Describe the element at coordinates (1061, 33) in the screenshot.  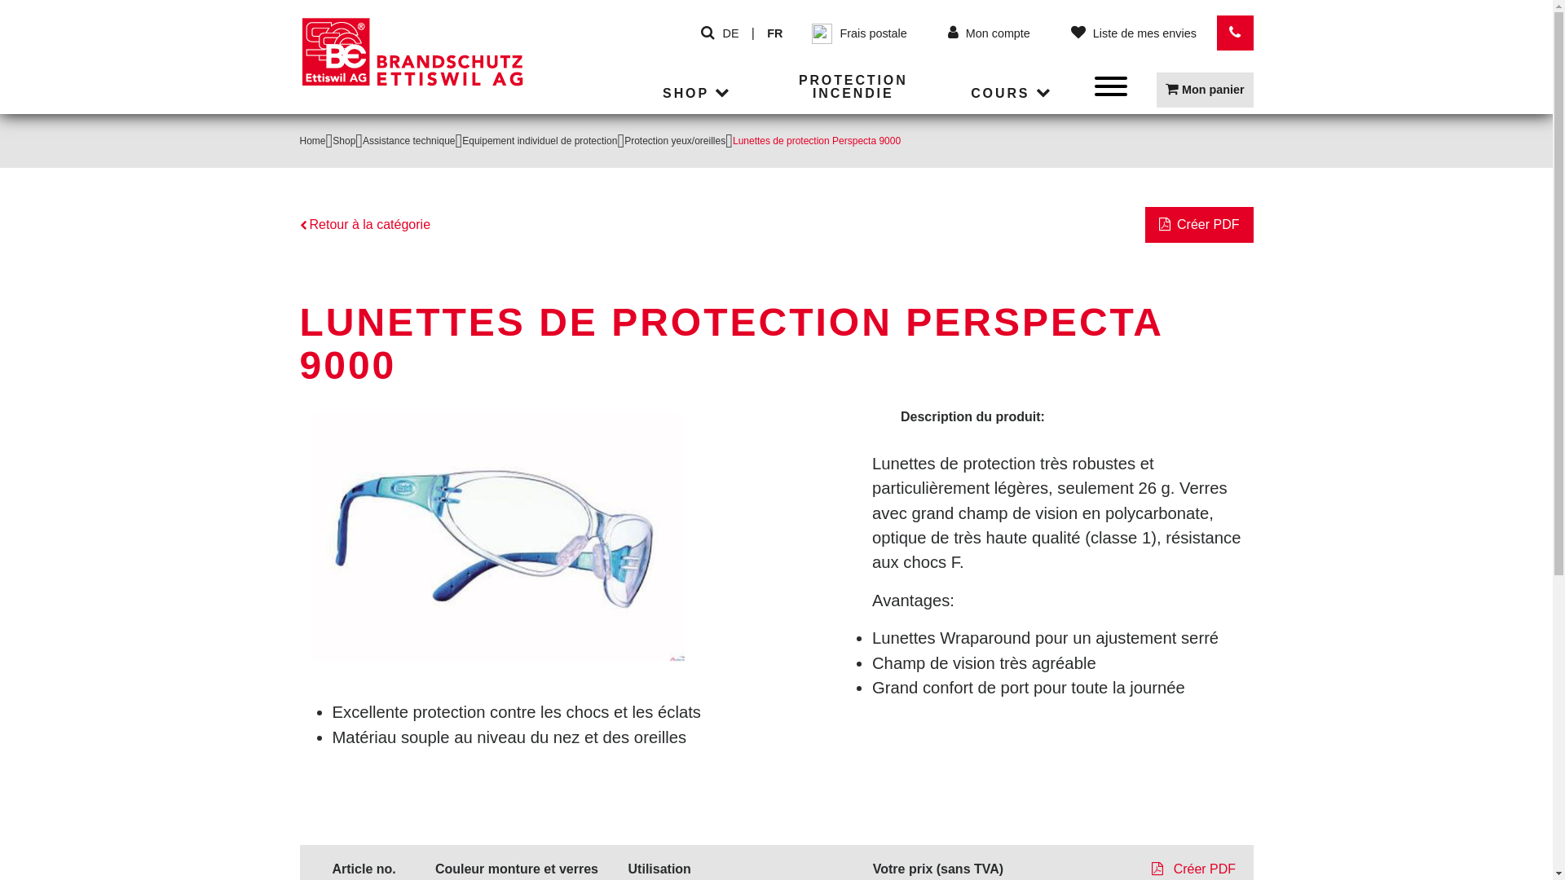
I see `'Liste de mes envies'` at that location.